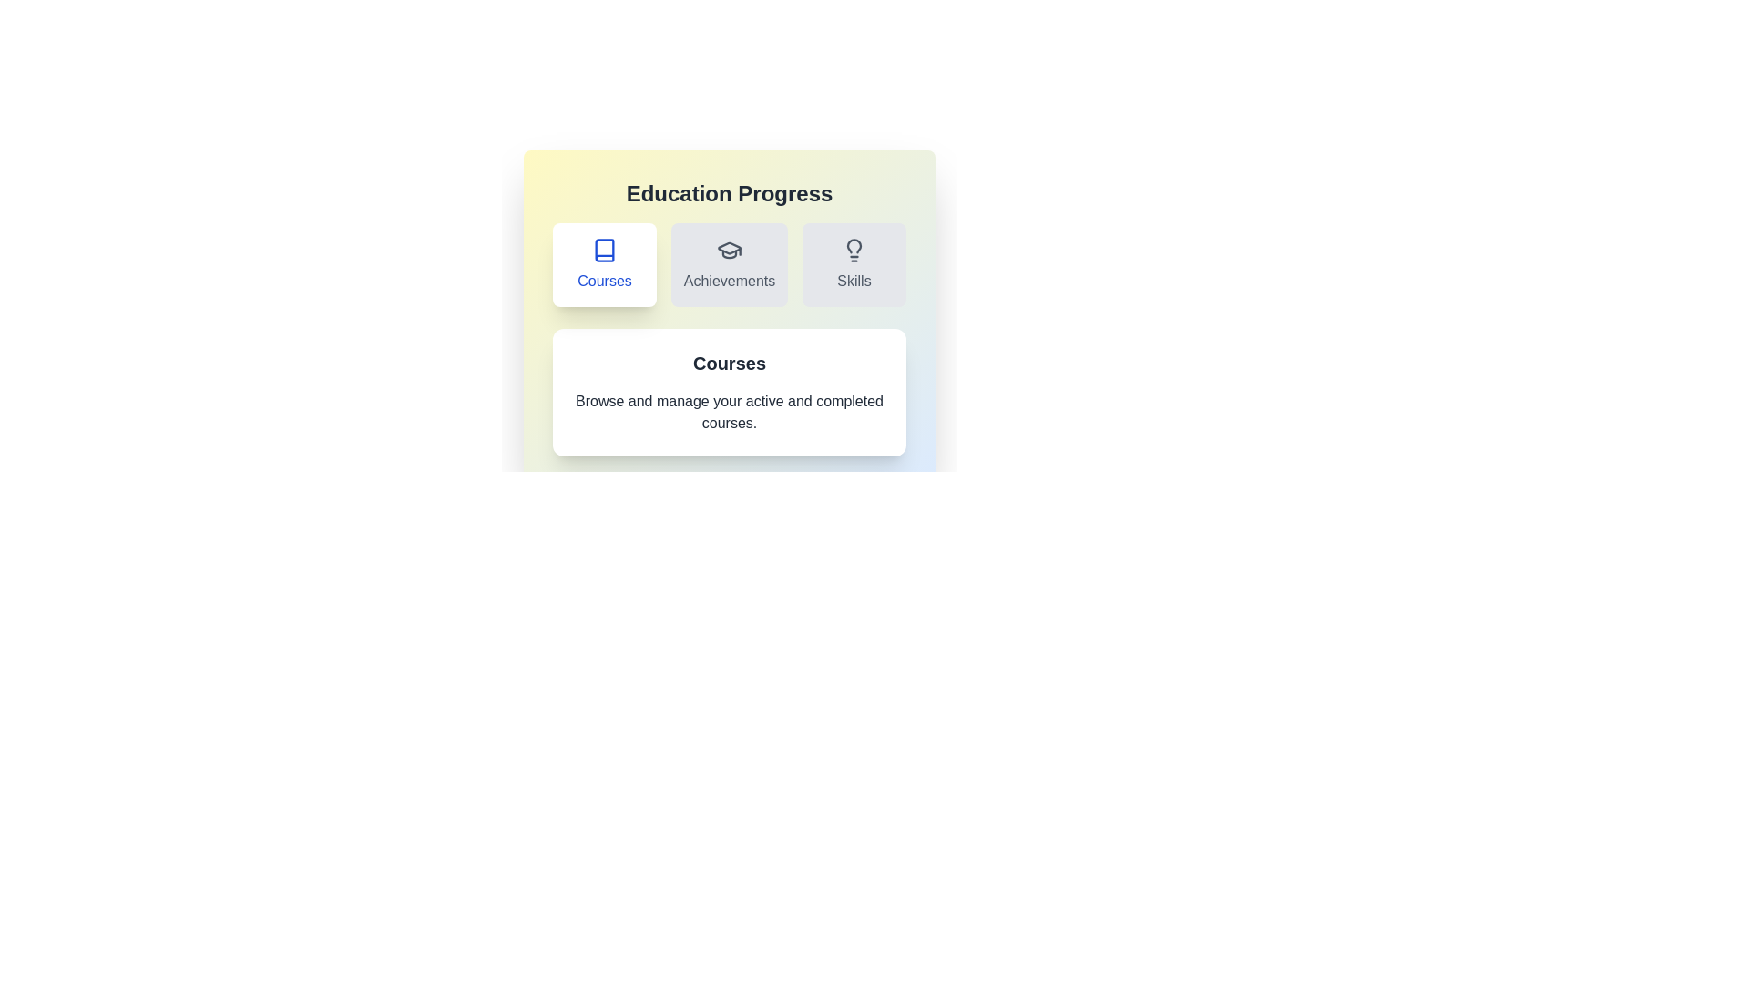 Image resolution: width=1749 pixels, height=984 pixels. I want to click on the Skills tab by clicking on its button, so click(853, 264).